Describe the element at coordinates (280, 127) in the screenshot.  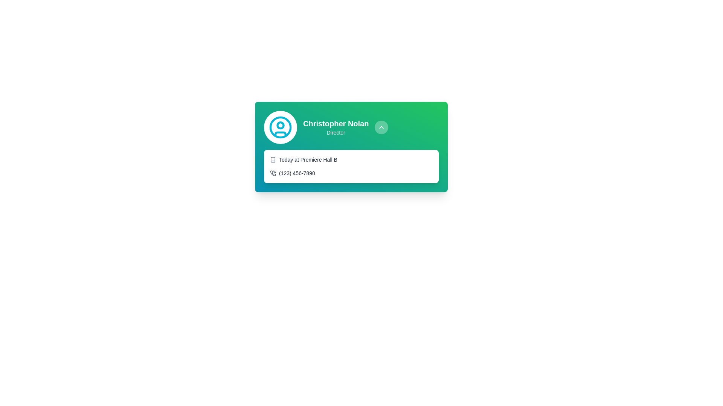
I see `the circular SVG element with a cyan outline that is centrally positioned within the user profile icon` at that location.